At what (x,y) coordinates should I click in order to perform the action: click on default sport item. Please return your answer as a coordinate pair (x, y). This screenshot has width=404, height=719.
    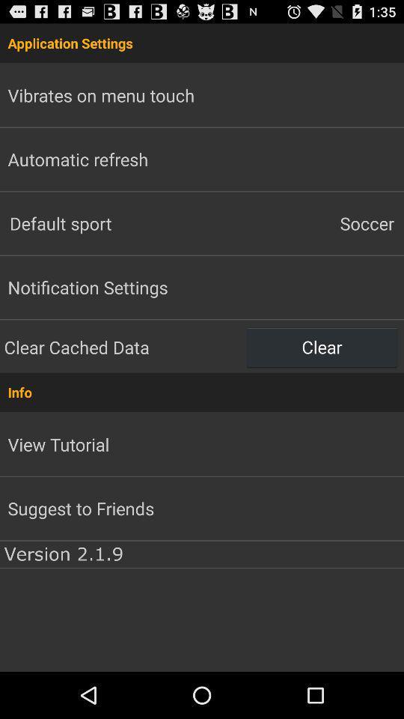
    Looking at the image, I should click on (101, 222).